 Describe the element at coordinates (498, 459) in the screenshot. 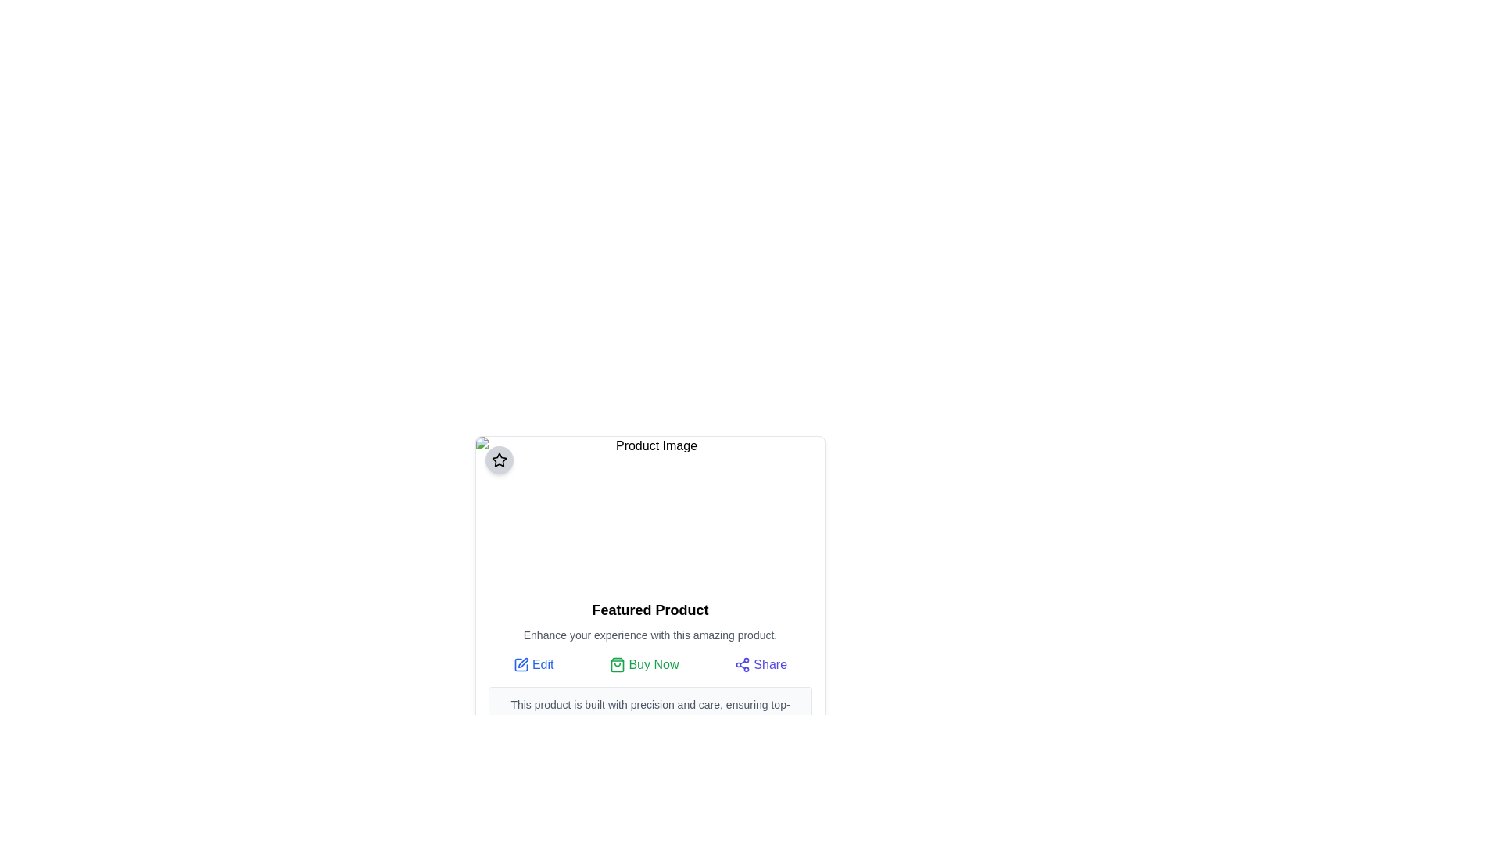

I see `the star-shaped vector graphic icon that is styled with strokes and no fill, located at the top-center of the interface's content` at that location.